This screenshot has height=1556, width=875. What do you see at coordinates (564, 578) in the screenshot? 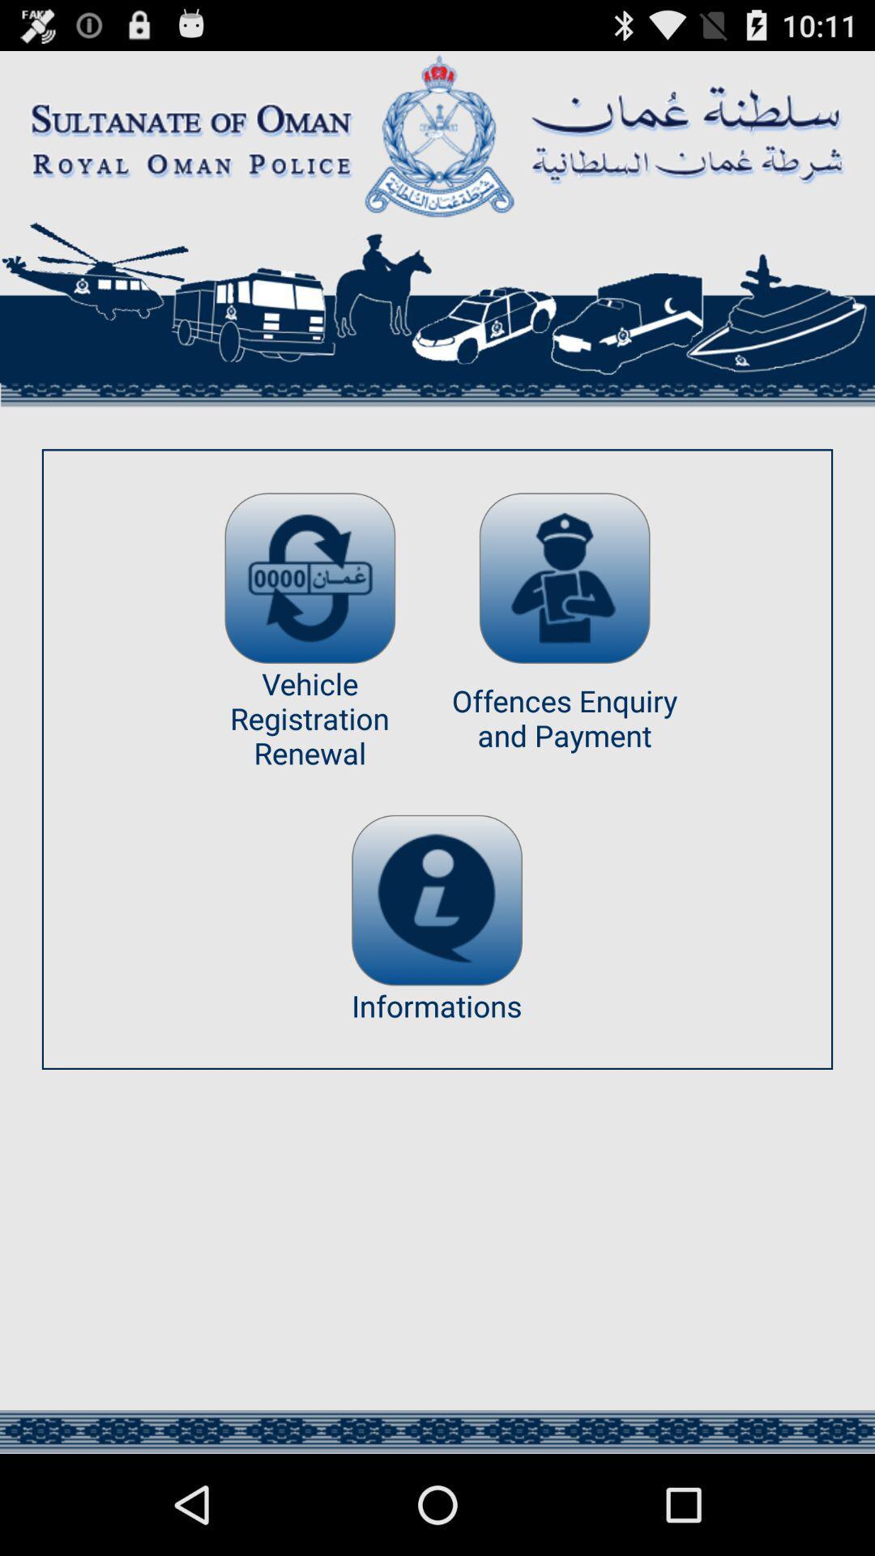
I see `the icon above offences enquiry and item` at bounding box center [564, 578].